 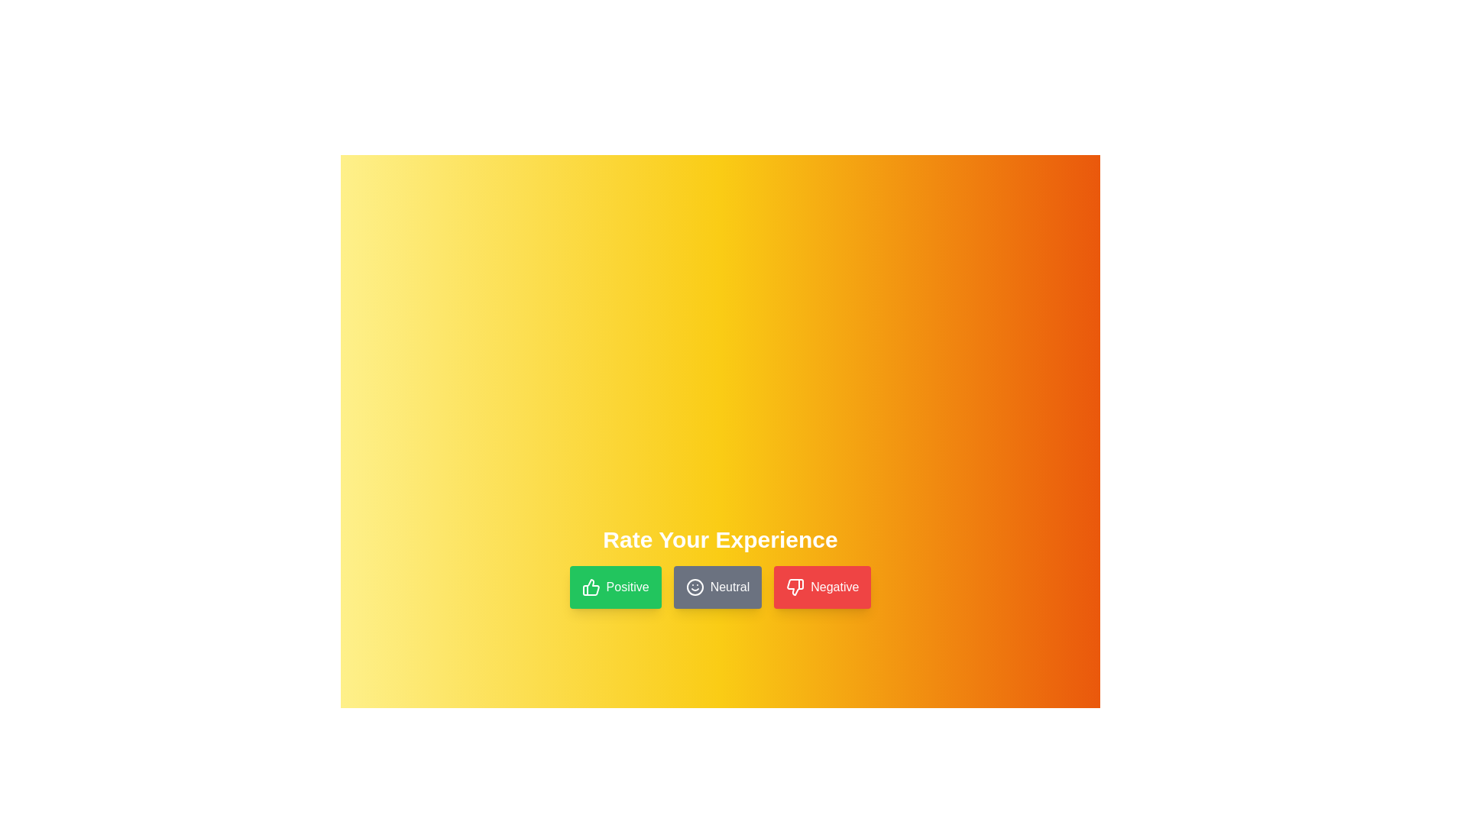 I want to click on the Button Group containing the 'Positive', 'Neutral', and 'Negative' buttons, so click(x=719, y=586).